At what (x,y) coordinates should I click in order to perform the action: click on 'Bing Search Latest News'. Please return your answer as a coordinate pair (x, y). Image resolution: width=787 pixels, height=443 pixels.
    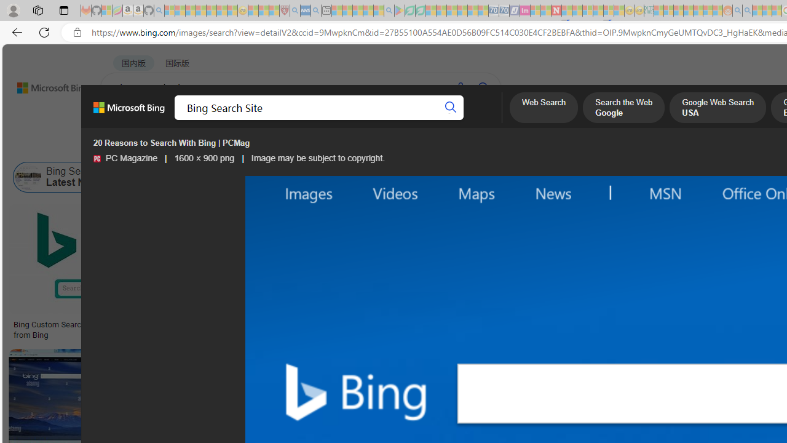
    Looking at the image, I should click on (28, 177).